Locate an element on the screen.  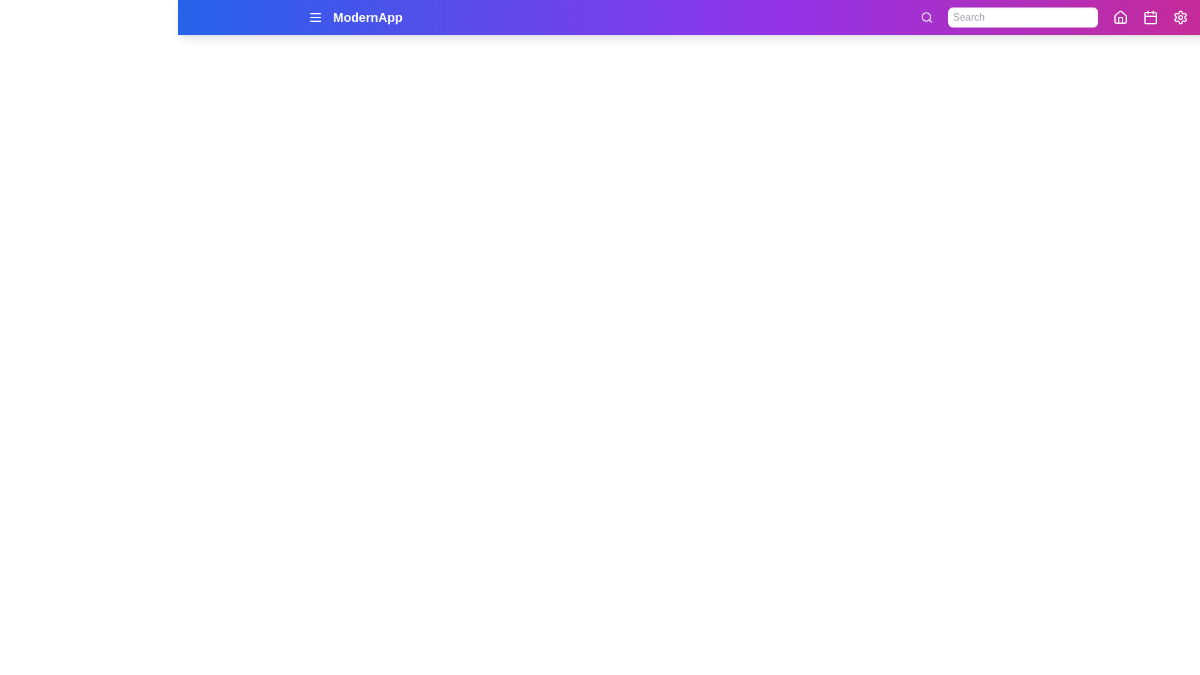
the Menu Icon (Hamburger Menu) located at the top left of the navigation bar to observe a style change is located at coordinates (315, 17).